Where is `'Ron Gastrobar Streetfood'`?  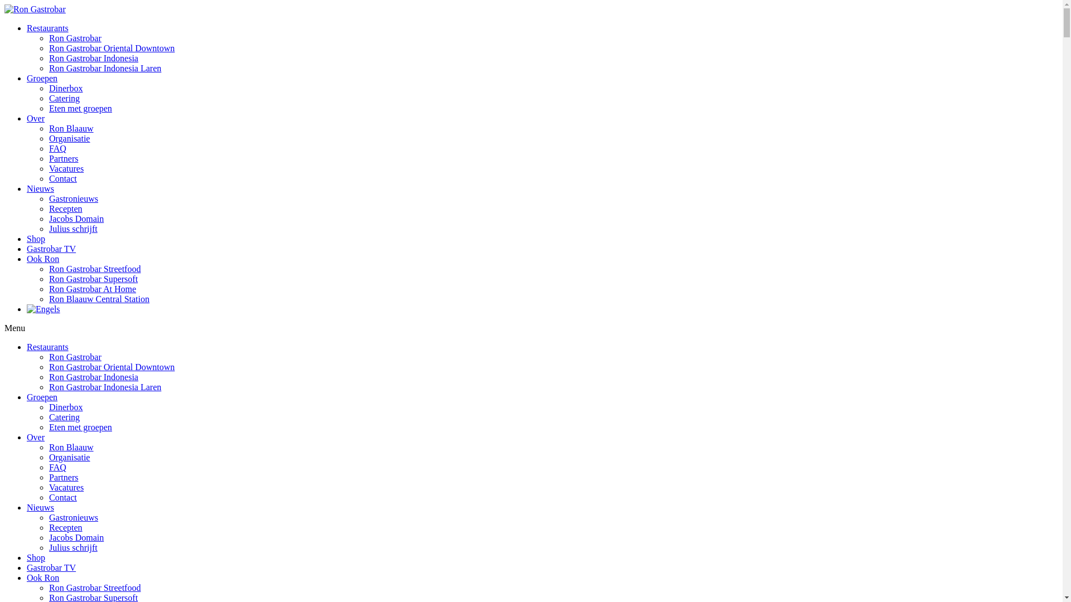
'Ron Gastrobar Streetfood' is located at coordinates (48, 269).